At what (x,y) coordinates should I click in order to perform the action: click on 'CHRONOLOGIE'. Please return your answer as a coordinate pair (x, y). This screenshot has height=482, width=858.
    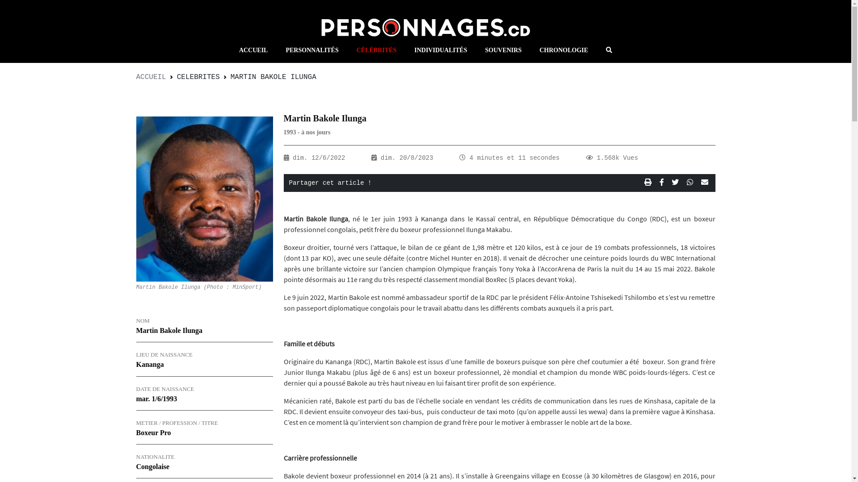
    Looking at the image, I should click on (563, 50).